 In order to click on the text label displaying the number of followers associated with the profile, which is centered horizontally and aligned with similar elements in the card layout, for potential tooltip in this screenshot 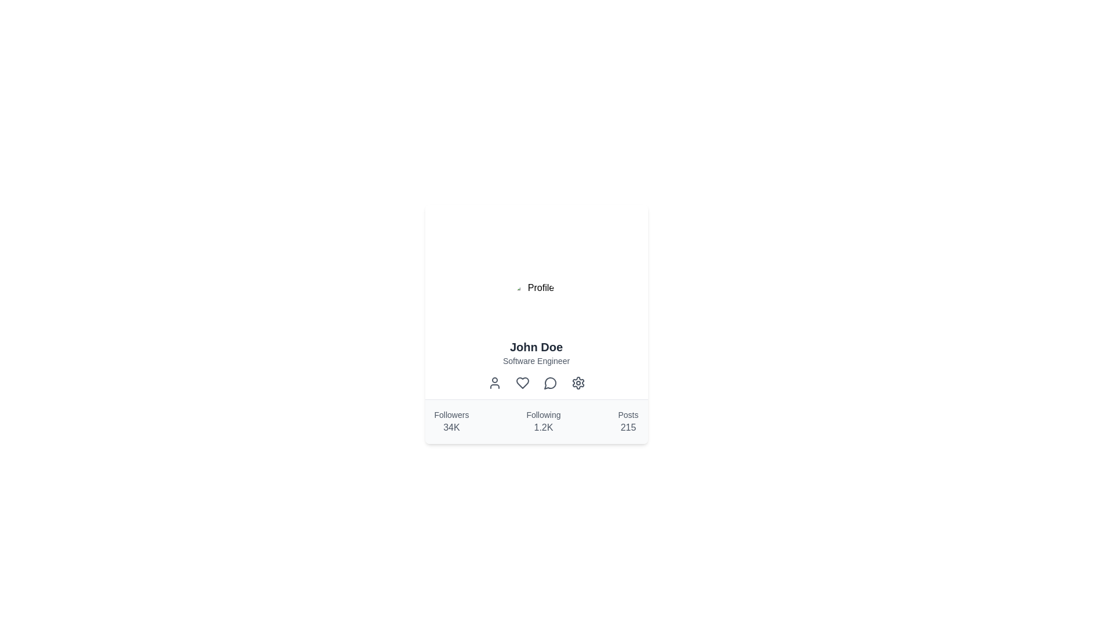, I will do `click(451, 427)`.